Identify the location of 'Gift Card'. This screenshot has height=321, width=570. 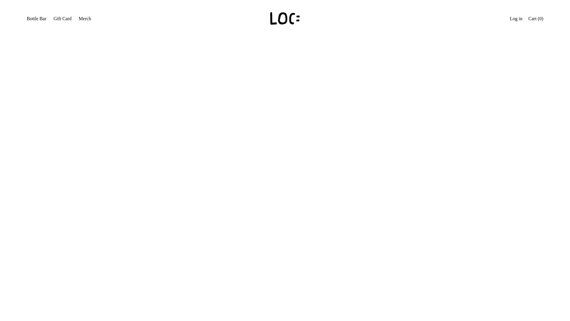
(62, 19).